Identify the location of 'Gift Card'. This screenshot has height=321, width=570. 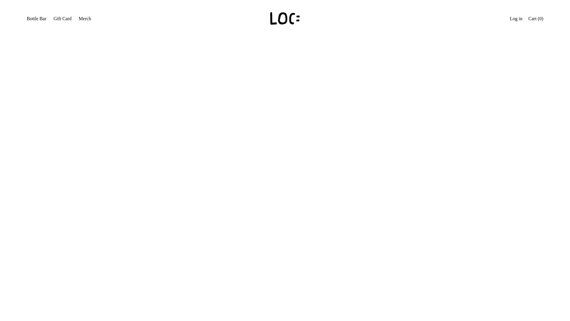
(62, 19).